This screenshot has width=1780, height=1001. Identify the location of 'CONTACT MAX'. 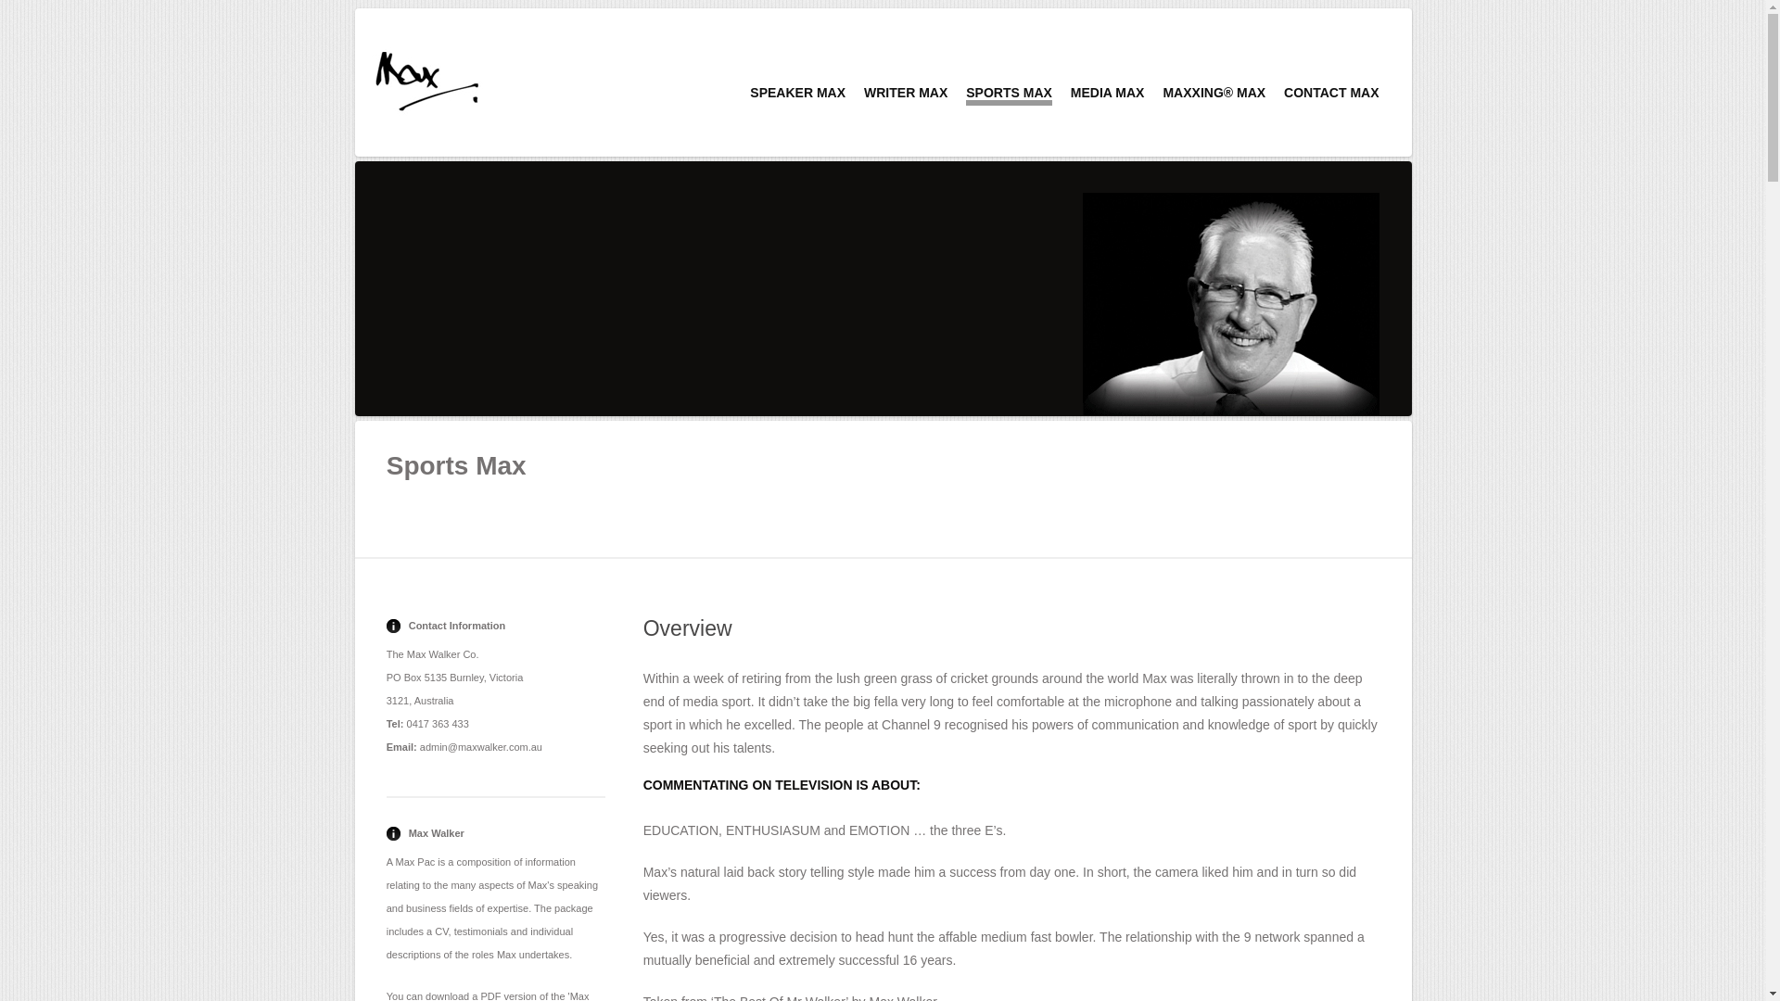
(1329, 93).